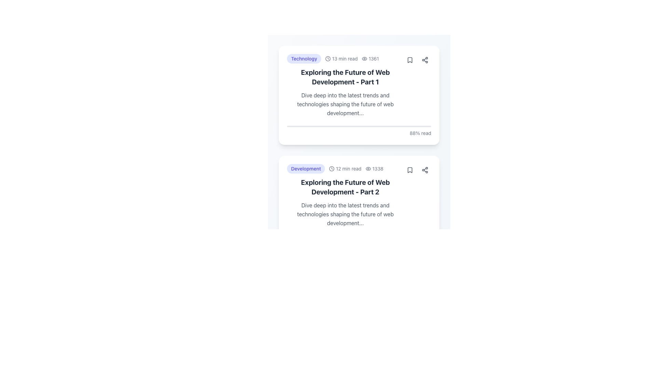 This screenshot has height=369, width=656. Describe the element at coordinates (364, 58) in the screenshot. I see `the eye-shaped icon, which denotes visibility and is located between the '13 min read' label and the number '1361' within the top article card` at that location.